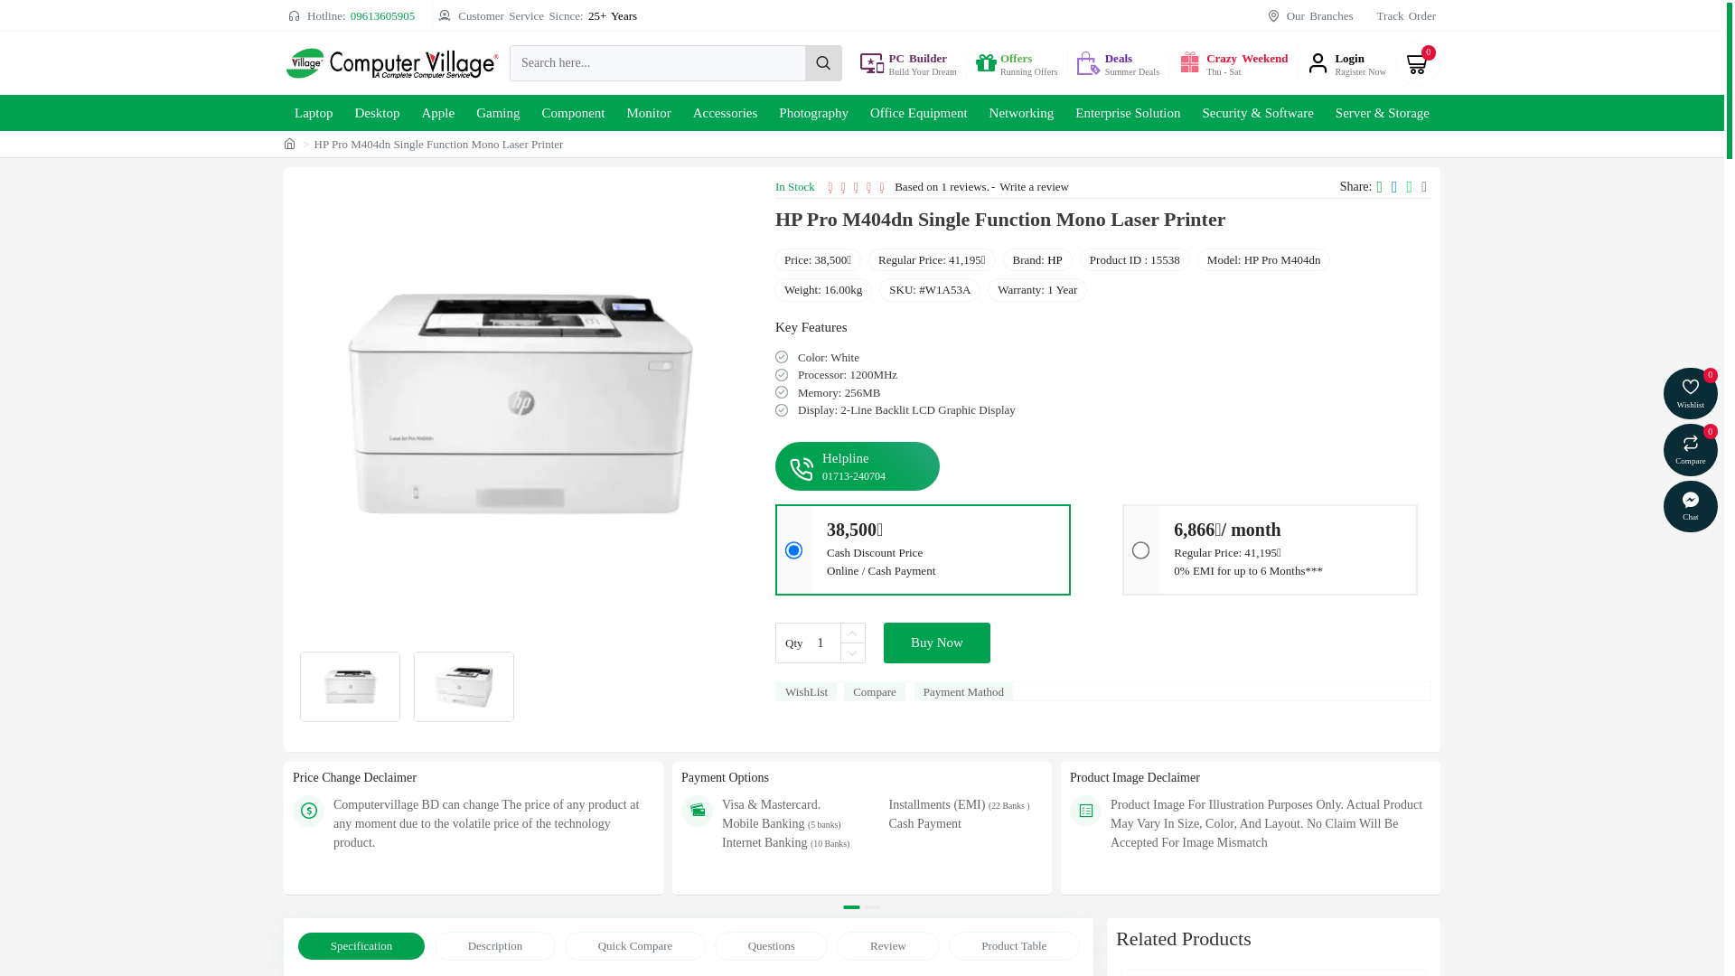 This screenshot has width=1735, height=976. Describe the element at coordinates (1016, 61) in the screenshot. I see `'Offers` at that location.